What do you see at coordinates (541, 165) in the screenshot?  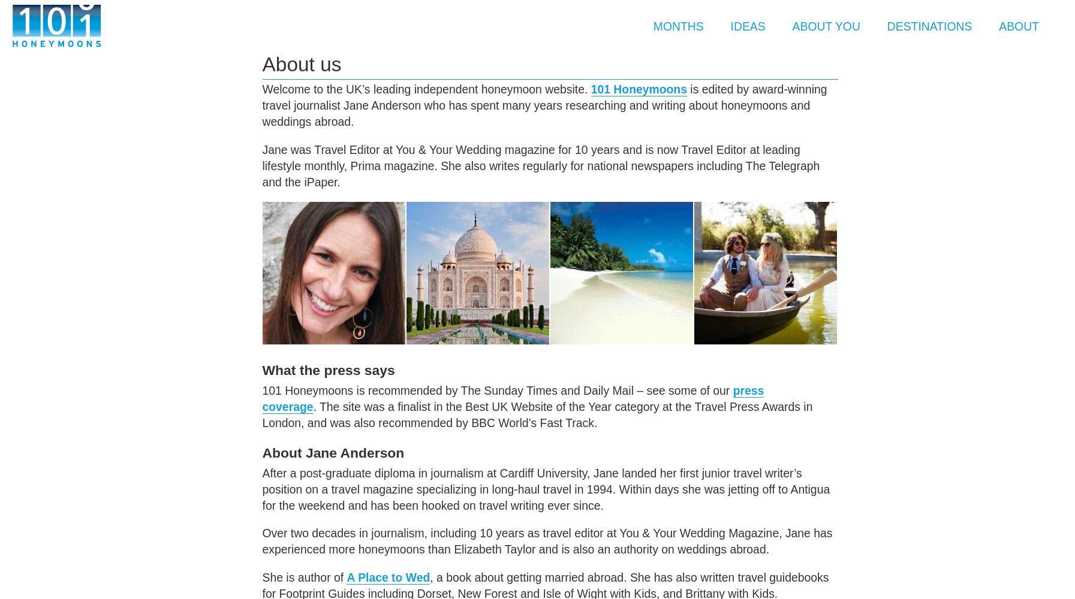 I see `'Jane was Travel Editor at You & Your Wedding magazine for 10 years and is now Travel Editor at leading lifestyle monthly, Prima magazine. She also writes regularly for national newspapers including The Telegraph and the iPaper.'` at bounding box center [541, 165].